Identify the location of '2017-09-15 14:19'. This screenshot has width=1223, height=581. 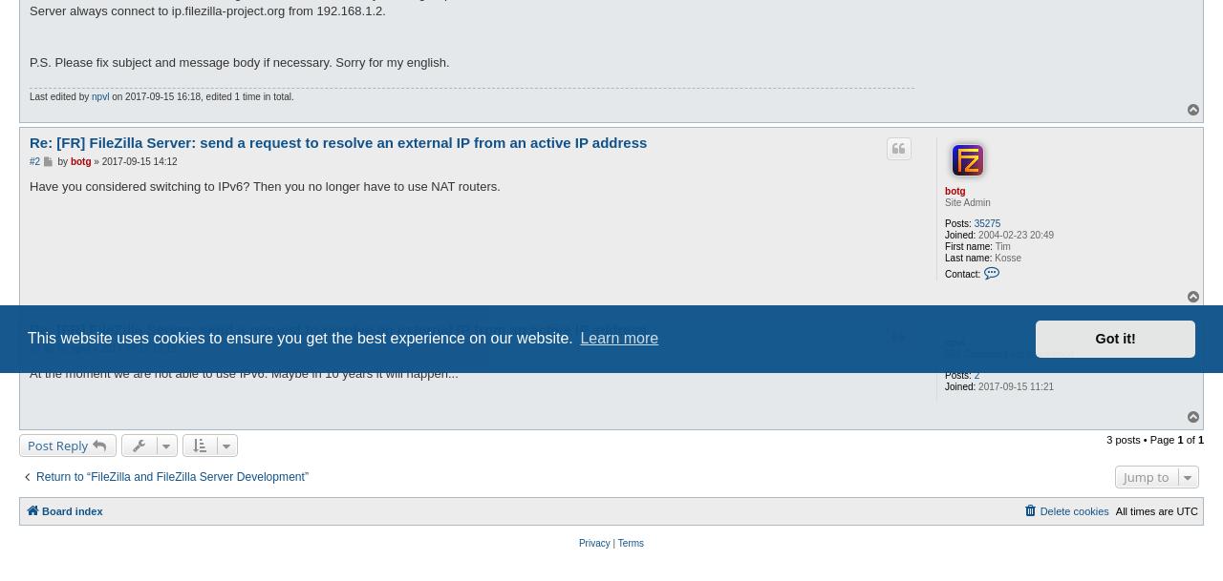
(137, 347).